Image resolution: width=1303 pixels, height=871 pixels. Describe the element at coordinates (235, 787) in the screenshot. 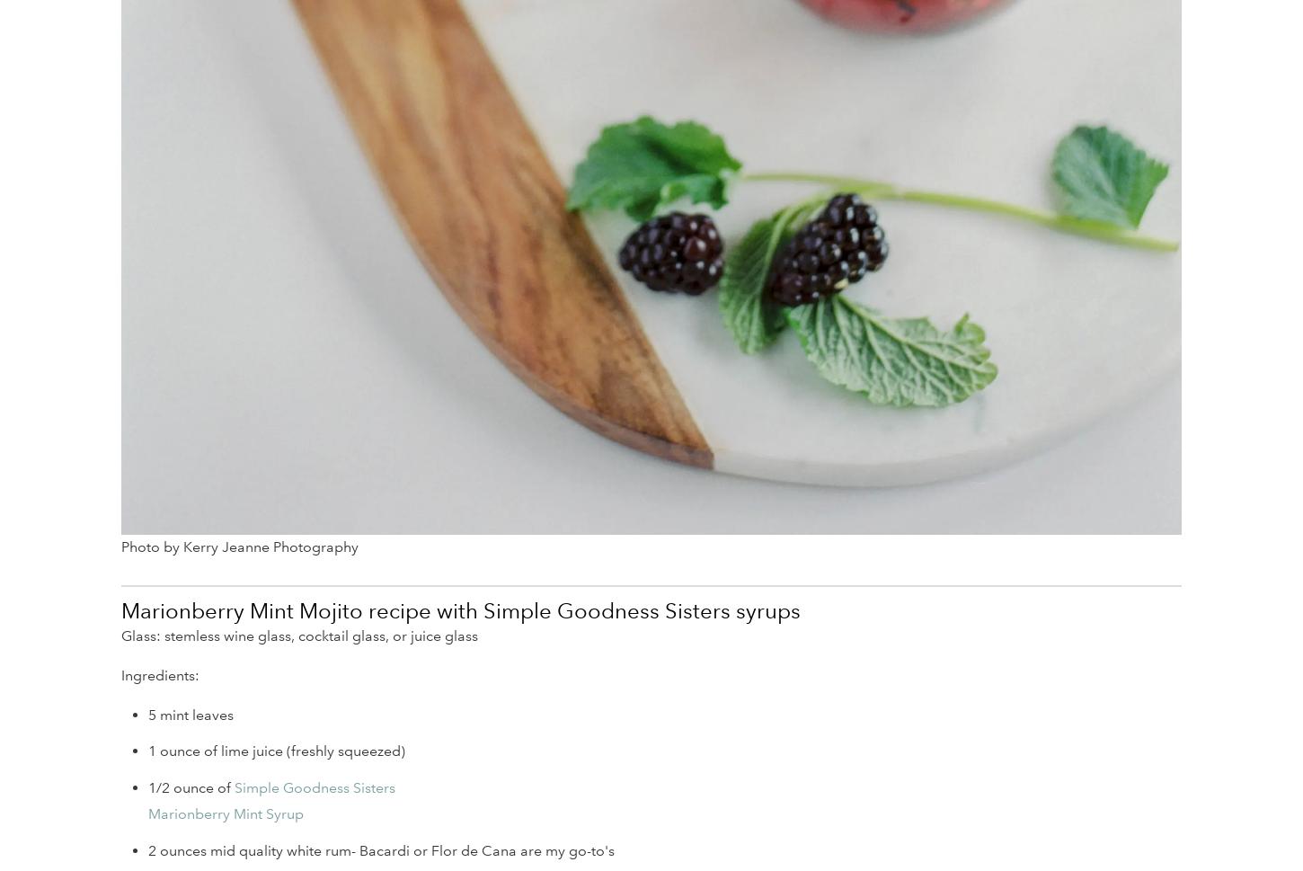

I see `'Simple Goodness Sisters'` at that location.